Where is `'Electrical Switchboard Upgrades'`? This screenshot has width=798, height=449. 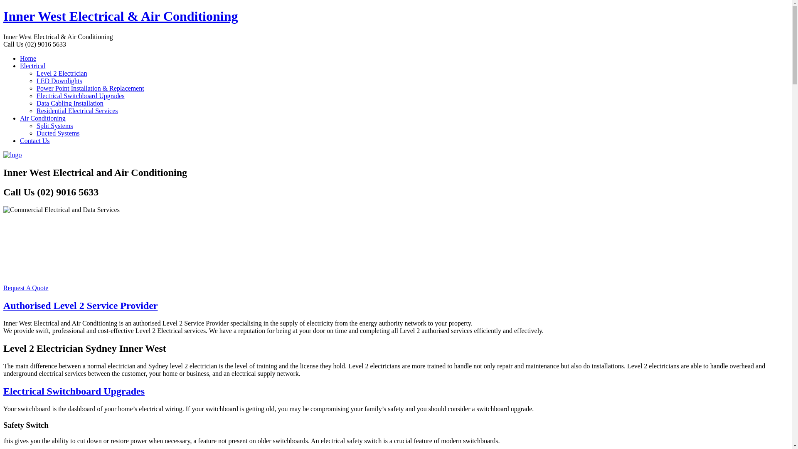
'Electrical Switchboard Upgrades' is located at coordinates (74, 391).